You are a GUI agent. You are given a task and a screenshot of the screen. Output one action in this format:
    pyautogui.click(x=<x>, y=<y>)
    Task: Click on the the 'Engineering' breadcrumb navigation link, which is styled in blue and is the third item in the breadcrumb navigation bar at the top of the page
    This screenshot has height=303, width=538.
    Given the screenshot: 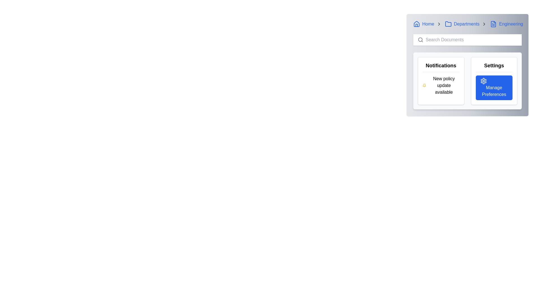 What is the action you would take?
    pyautogui.click(x=507, y=24)
    